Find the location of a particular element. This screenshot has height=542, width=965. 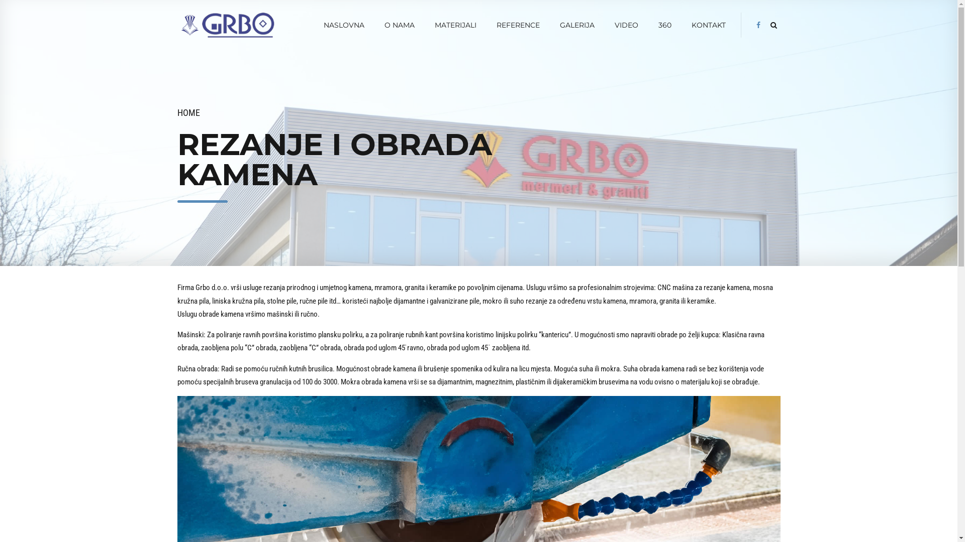

'360' is located at coordinates (665, 25).